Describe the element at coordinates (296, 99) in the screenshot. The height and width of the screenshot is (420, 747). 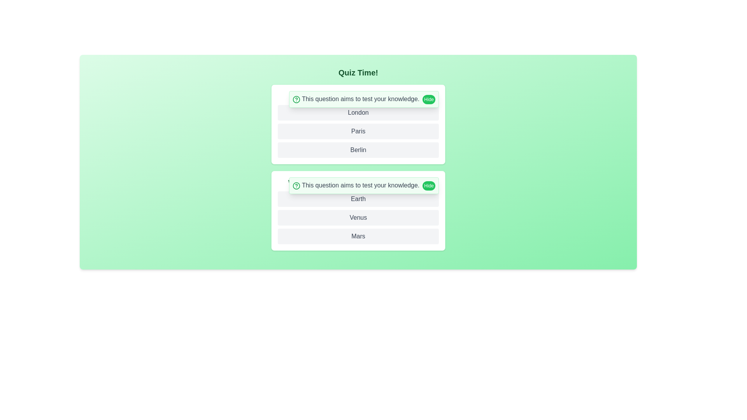
I see `the circular icon with a question mark inside, which is green and located to the left of the text 'This question aims to test your knowledge. Hide' in the upper green box` at that location.